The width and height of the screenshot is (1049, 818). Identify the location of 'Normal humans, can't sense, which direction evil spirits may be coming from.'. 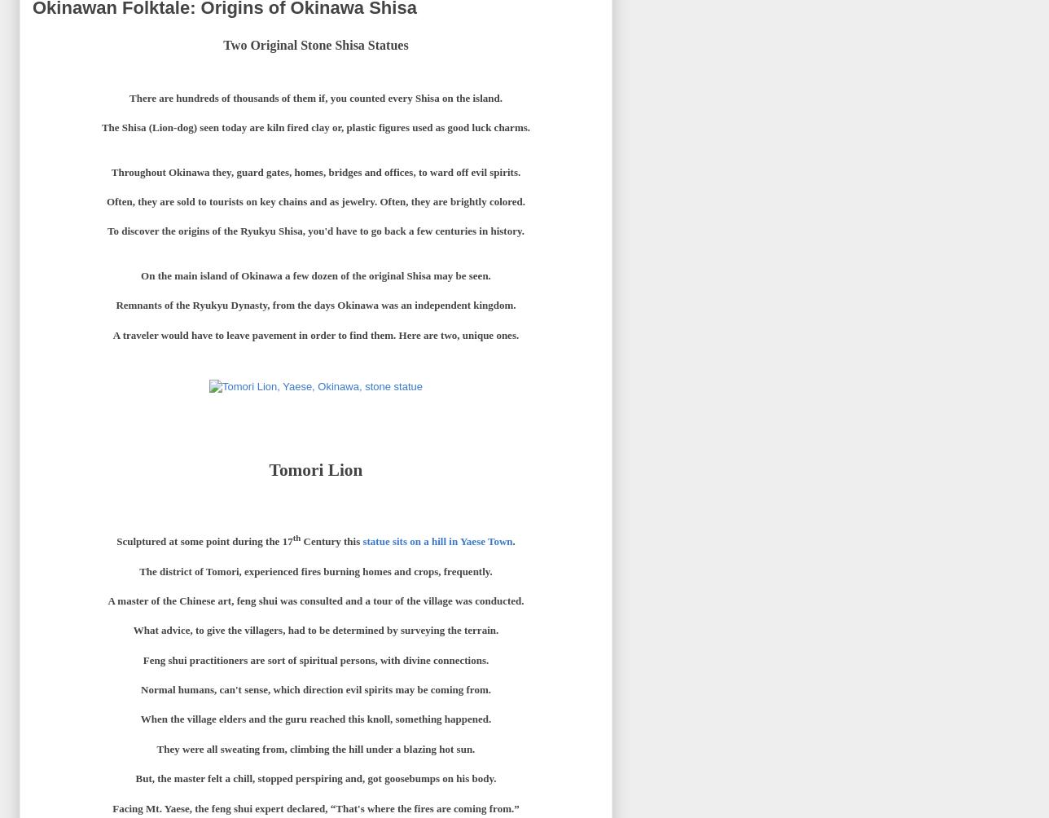
(315, 689).